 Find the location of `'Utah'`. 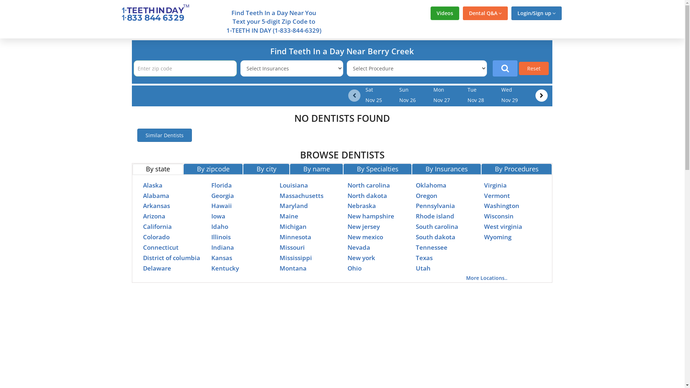

'Utah' is located at coordinates (423, 268).